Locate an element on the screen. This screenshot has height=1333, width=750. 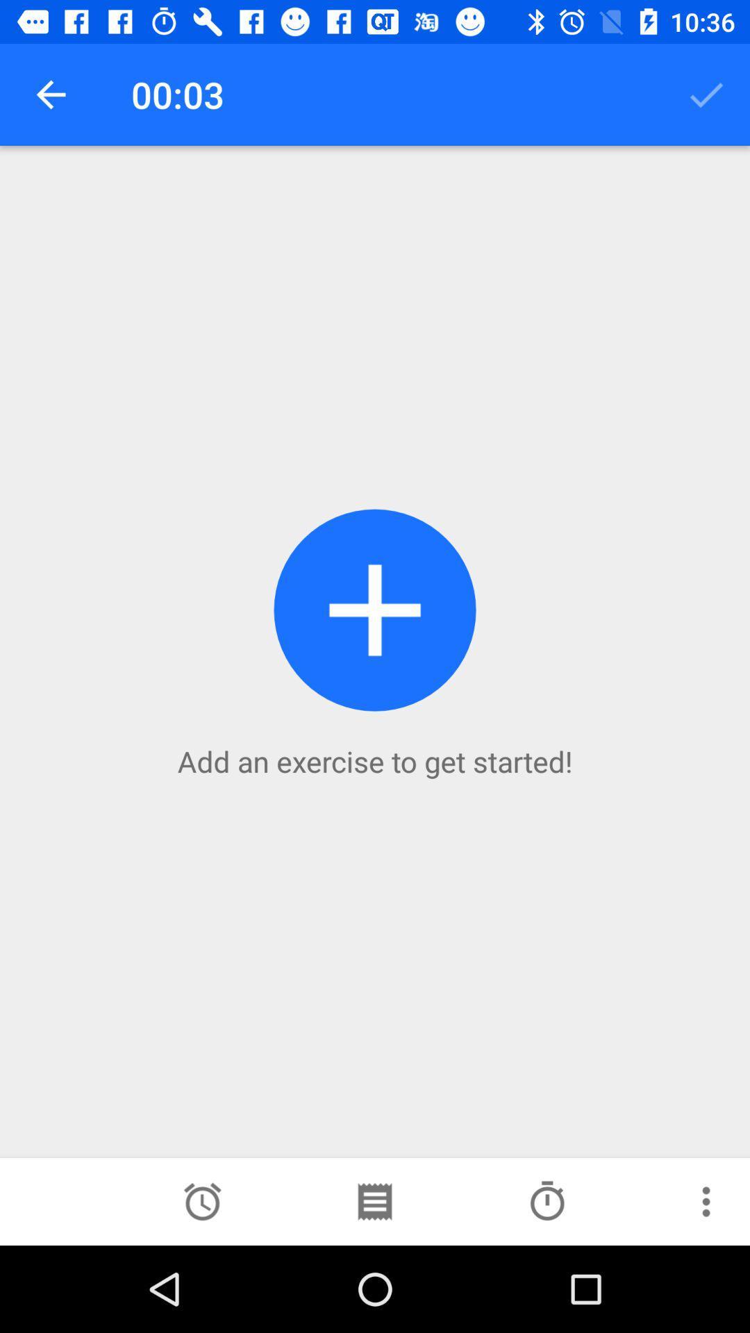
open options is located at coordinates (706, 1201).